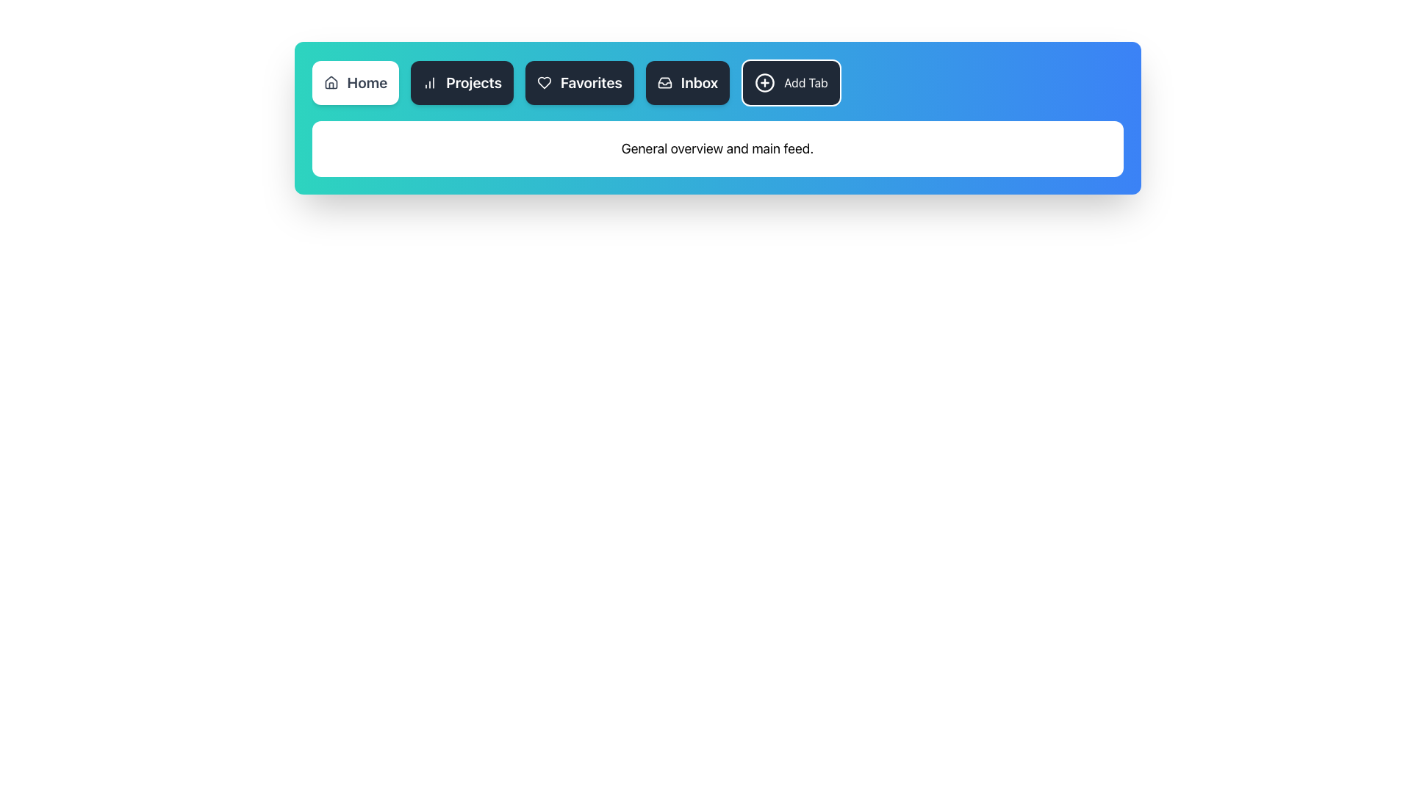 Image resolution: width=1411 pixels, height=793 pixels. What do you see at coordinates (429, 82) in the screenshot?
I see `the analytics icon located within the 'Projects' button, which is part of the navigation bar, positioned near the left side` at bounding box center [429, 82].